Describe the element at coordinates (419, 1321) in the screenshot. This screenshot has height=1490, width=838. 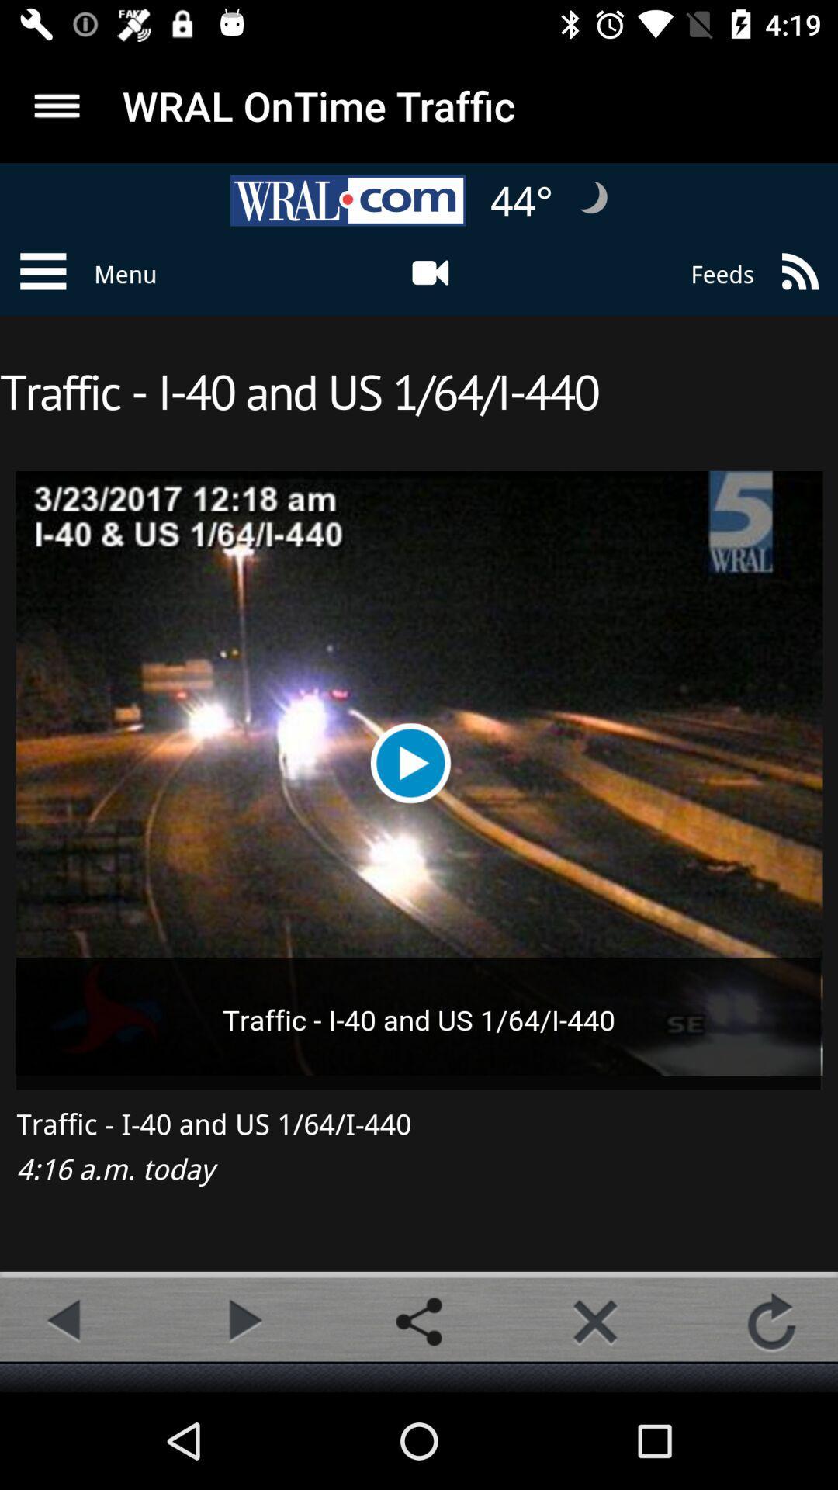
I see `share it` at that location.